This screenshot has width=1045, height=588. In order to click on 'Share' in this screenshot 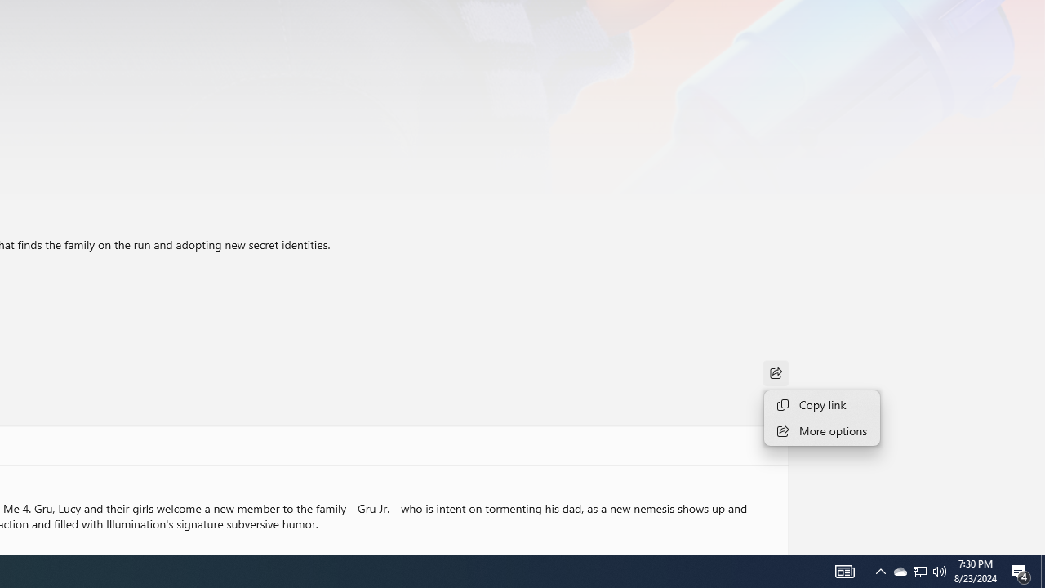, I will do `click(775, 372)`.